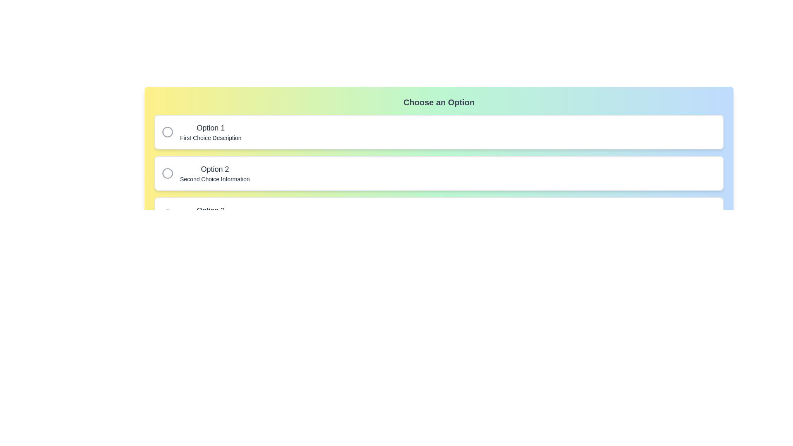  Describe the element at coordinates (211, 138) in the screenshot. I see `the text label displaying 'First Choice Description' located below 'Option 1' in the first option card` at that location.